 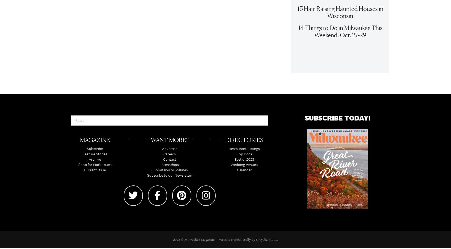 I want to click on 'Magazine', so click(x=95, y=142).